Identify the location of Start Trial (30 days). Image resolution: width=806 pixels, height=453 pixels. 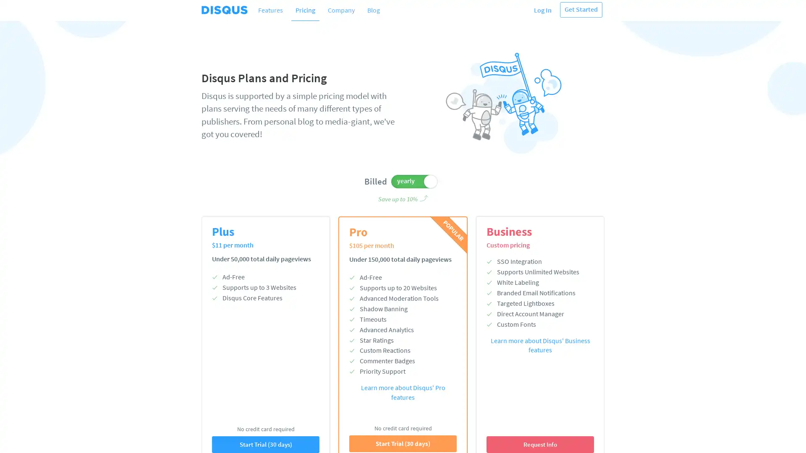
(403, 443).